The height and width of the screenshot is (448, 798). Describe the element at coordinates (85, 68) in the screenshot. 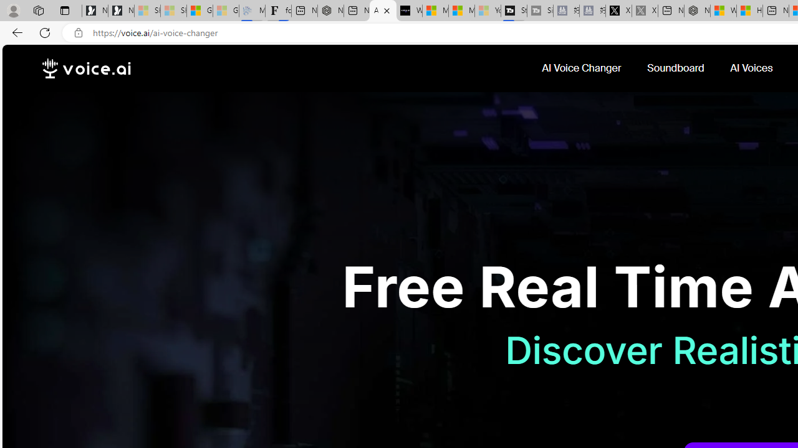

I see `'voice.ai'` at that location.